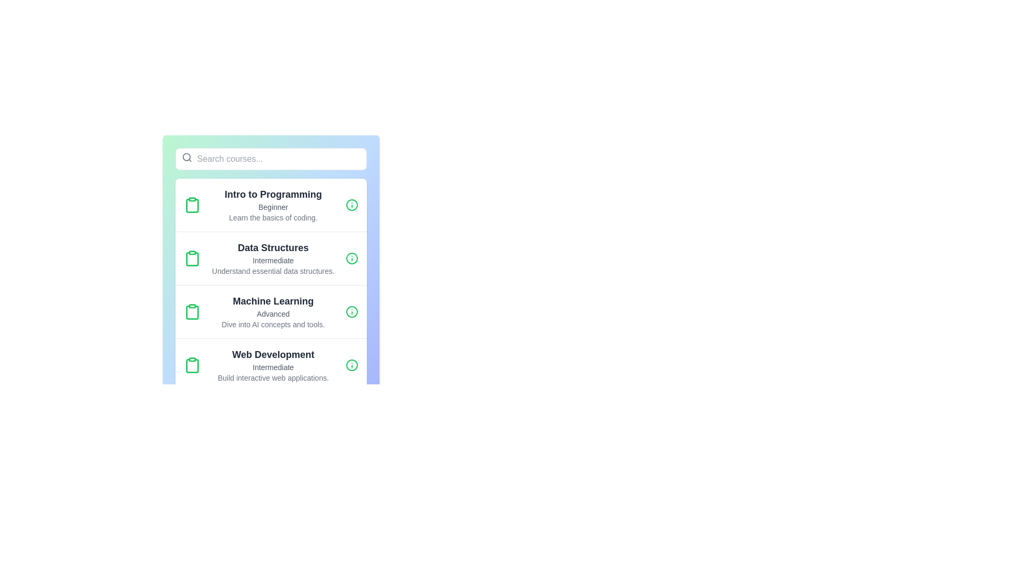  Describe the element at coordinates (273, 377) in the screenshot. I see `the static text displaying 'Build interactive web applications.' located below the 'Intermediate' label in the 'Web Development' section` at that location.